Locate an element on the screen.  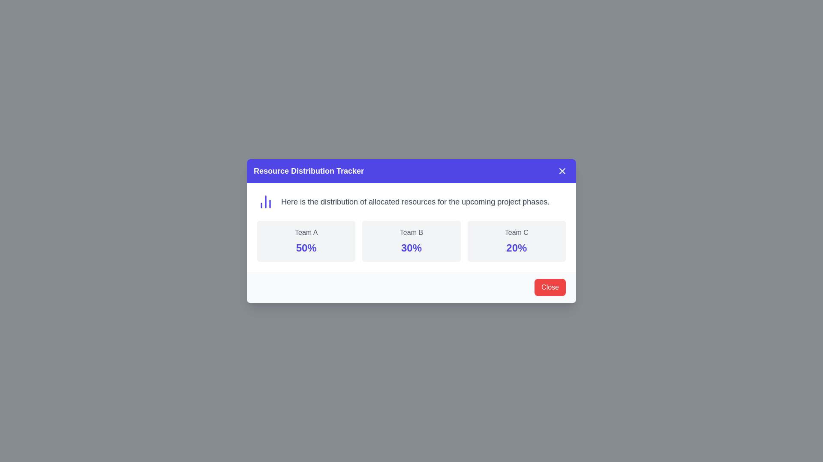
the 'X' icon button in the top-right corner of the modal dialog header is located at coordinates (562, 171).